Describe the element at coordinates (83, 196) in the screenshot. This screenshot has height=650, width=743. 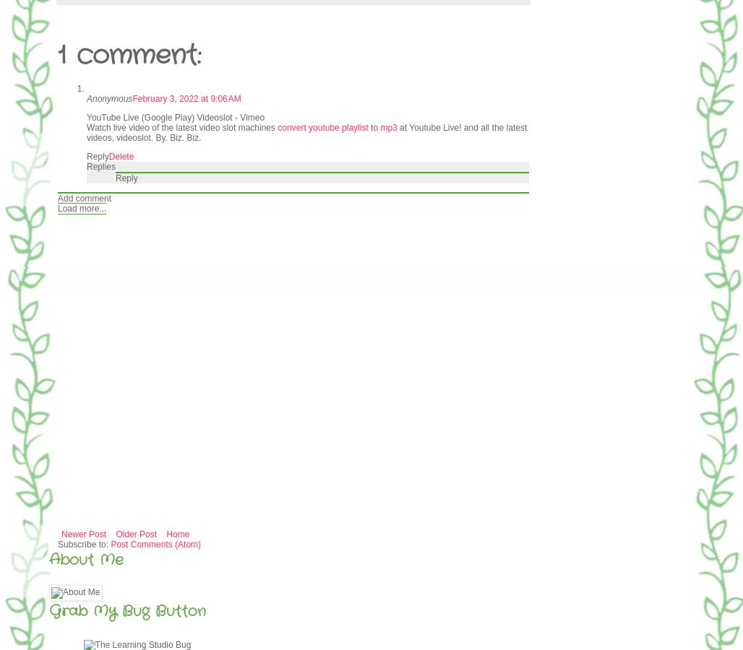
I see `'Add comment'` at that location.